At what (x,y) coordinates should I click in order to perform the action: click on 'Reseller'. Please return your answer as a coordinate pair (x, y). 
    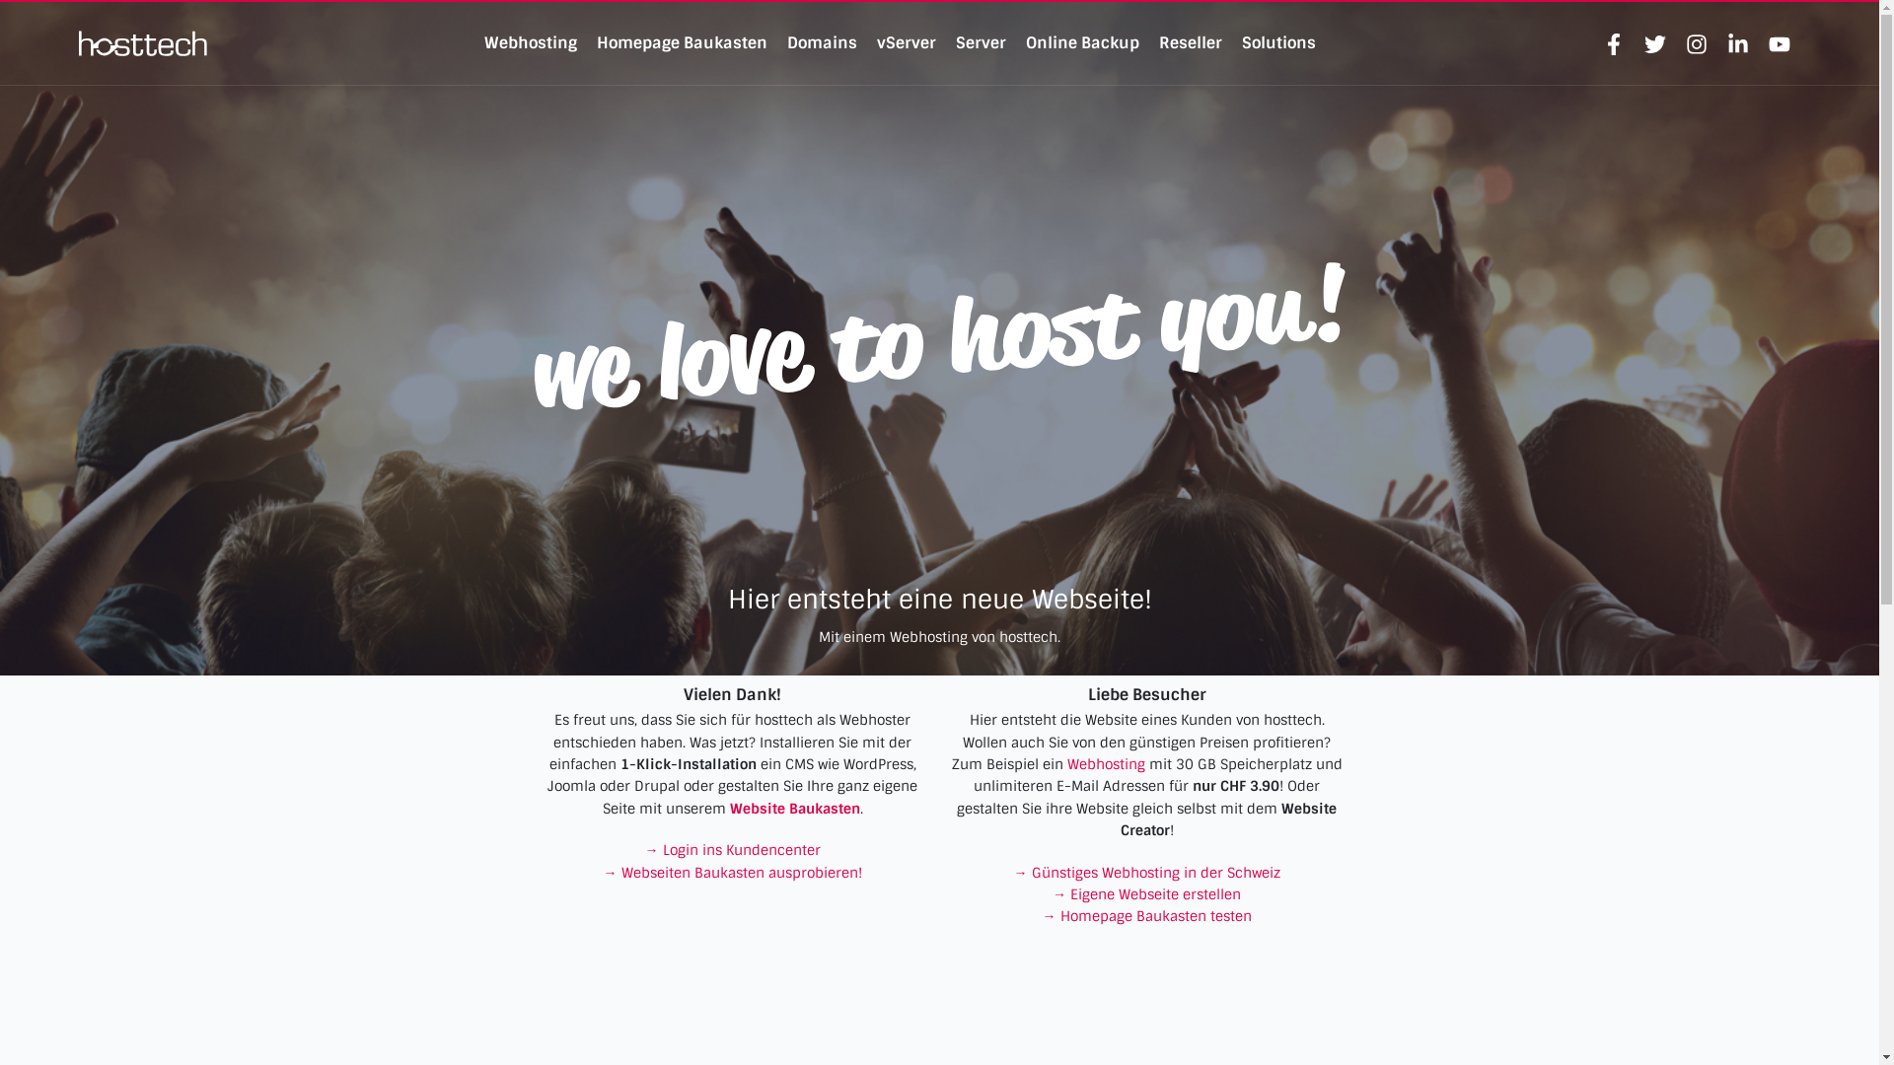
    Looking at the image, I should click on (1159, 42).